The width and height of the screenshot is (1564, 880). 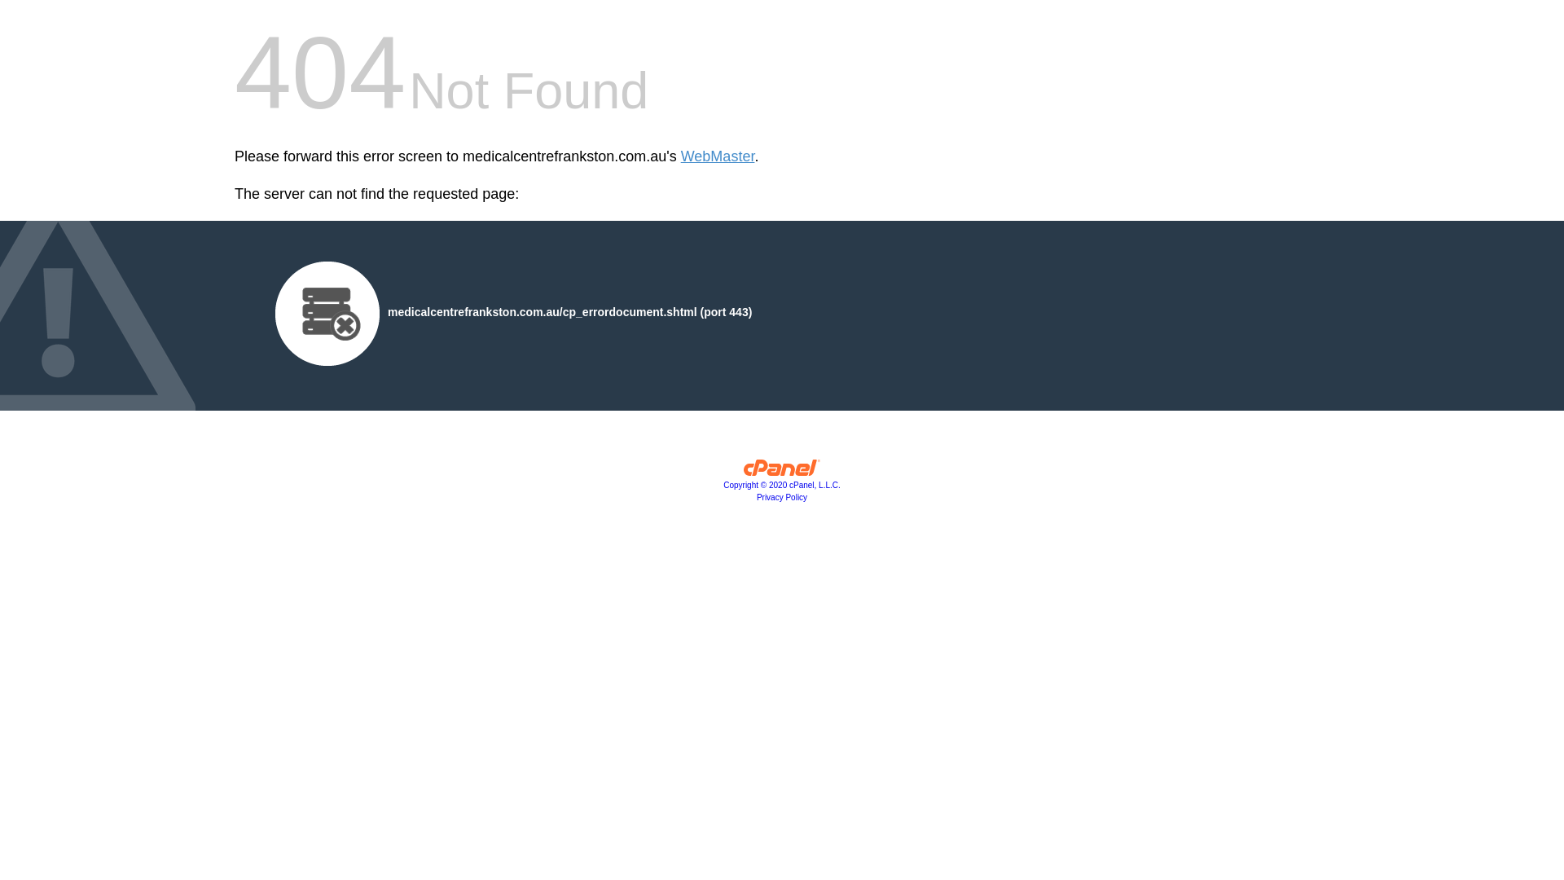 What do you see at coordinates (782, 496) in the screenshot?
I see `'Privacy Policy'` at bounding box center [782, 496].